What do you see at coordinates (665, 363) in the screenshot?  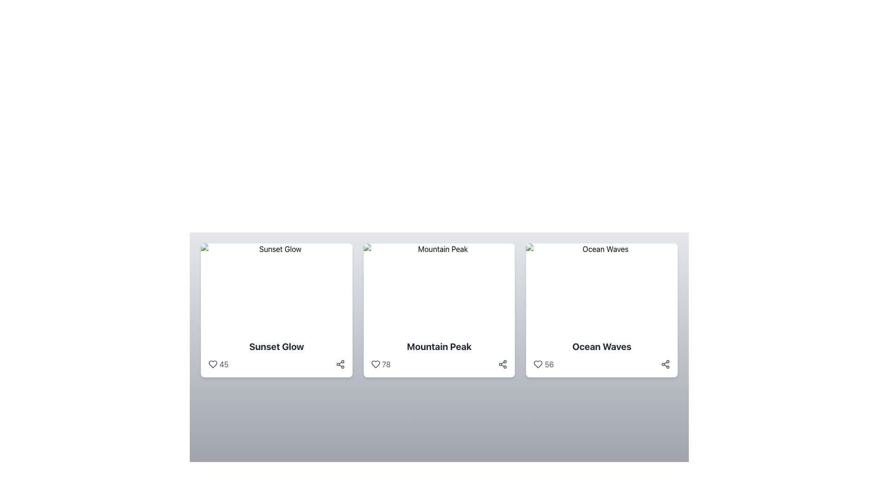 I see `the share icon located at the bottom-right corner of the 'Ocean Waves' card, which is the last icon in the horizontal icon layout` at bounding box center [665, 363].